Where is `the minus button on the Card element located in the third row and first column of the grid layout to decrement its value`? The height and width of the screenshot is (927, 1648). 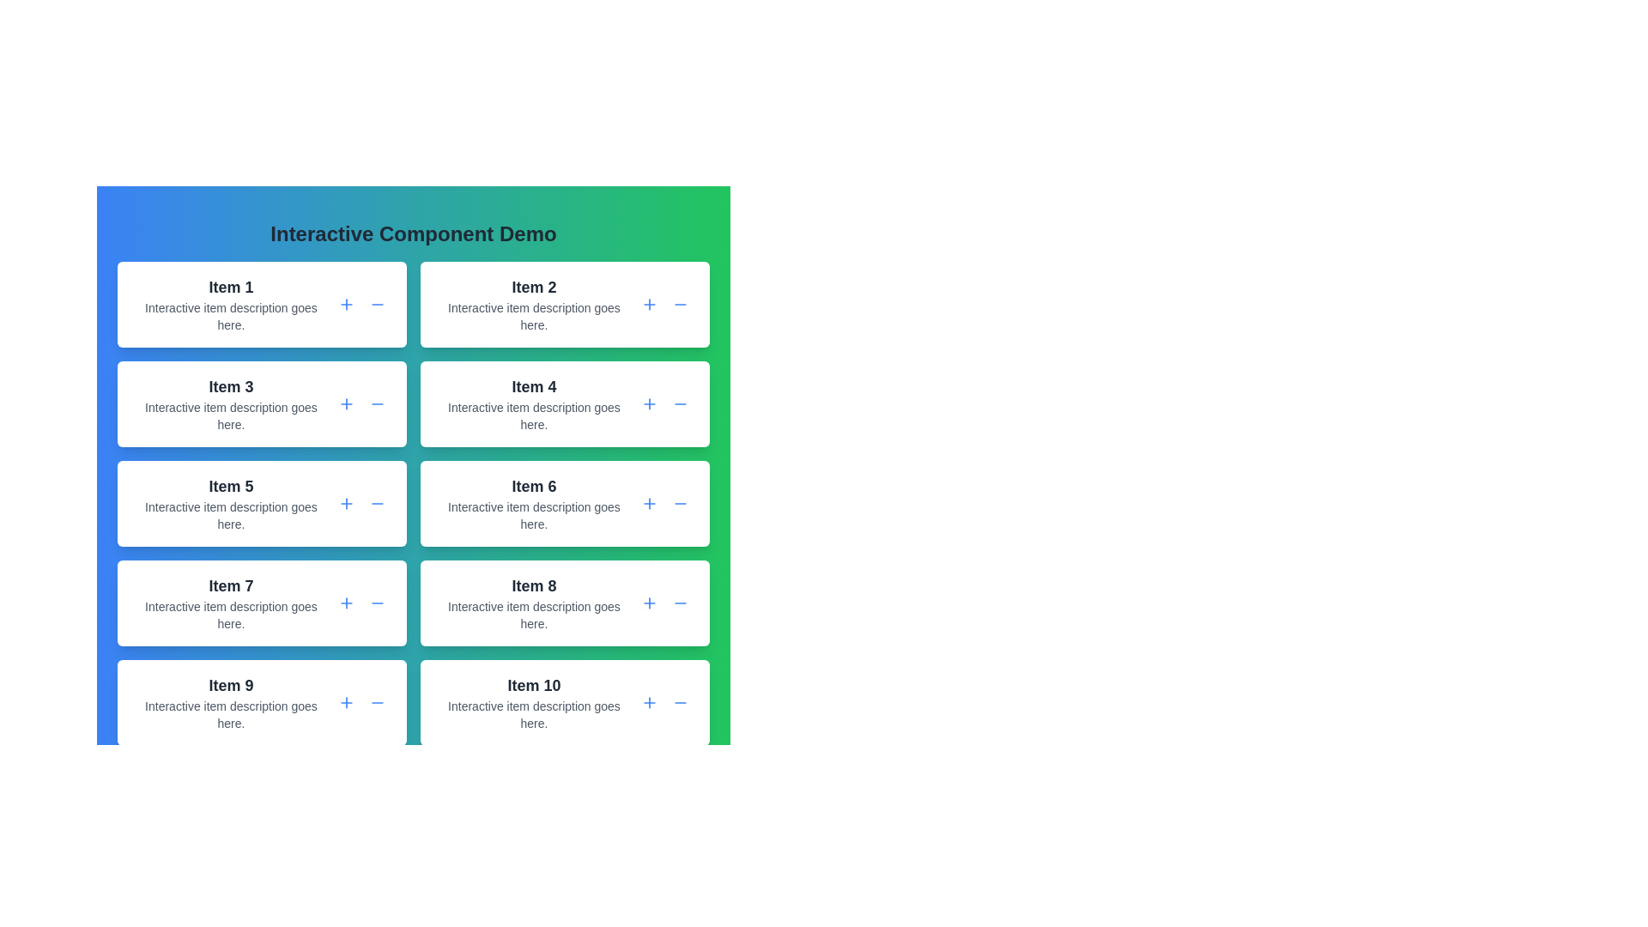
the minus button on the Card element located in the third row and first column of the grid layout to decrement its value is located at coordinates (261, 502).